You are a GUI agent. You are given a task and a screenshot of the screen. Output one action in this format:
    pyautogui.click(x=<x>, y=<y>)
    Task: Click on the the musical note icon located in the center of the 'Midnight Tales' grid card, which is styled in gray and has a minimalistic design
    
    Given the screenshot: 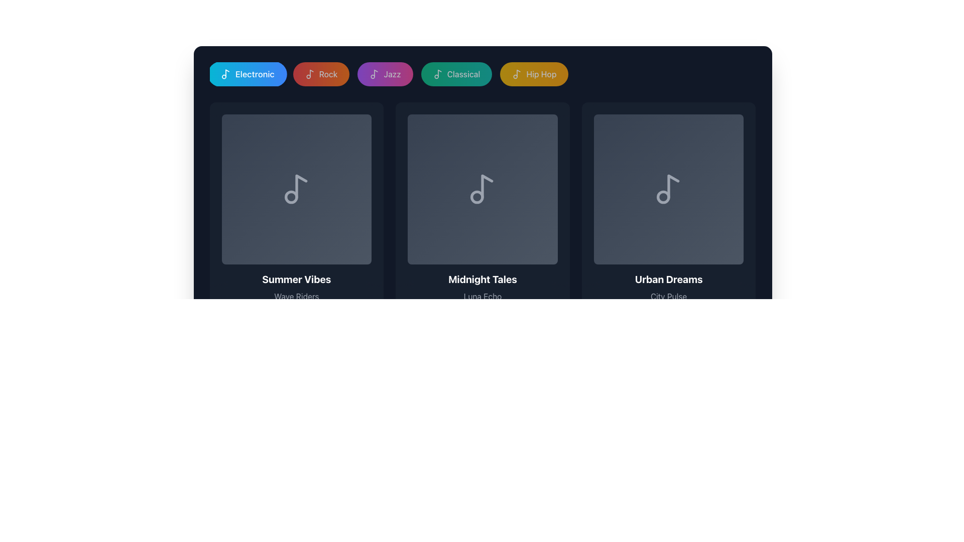 What is the action you would take?
    pyautogui.click(x=487, y=186)
    